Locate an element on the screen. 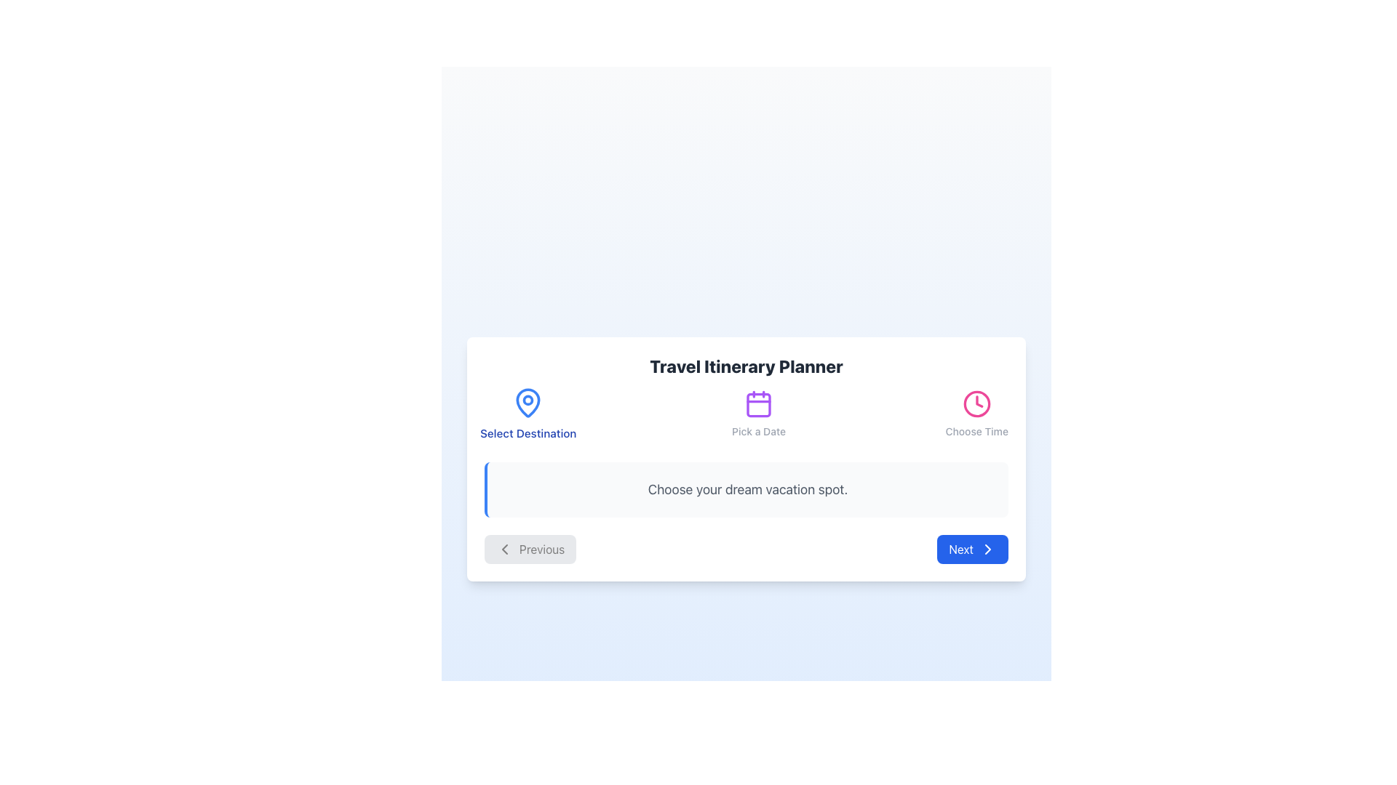 This screenshot has width=1397, height=785. the smaller circle at the center of the map-pin icon, which is adjacent to the 'Select Destination' label is located at coordinates (528, 400).